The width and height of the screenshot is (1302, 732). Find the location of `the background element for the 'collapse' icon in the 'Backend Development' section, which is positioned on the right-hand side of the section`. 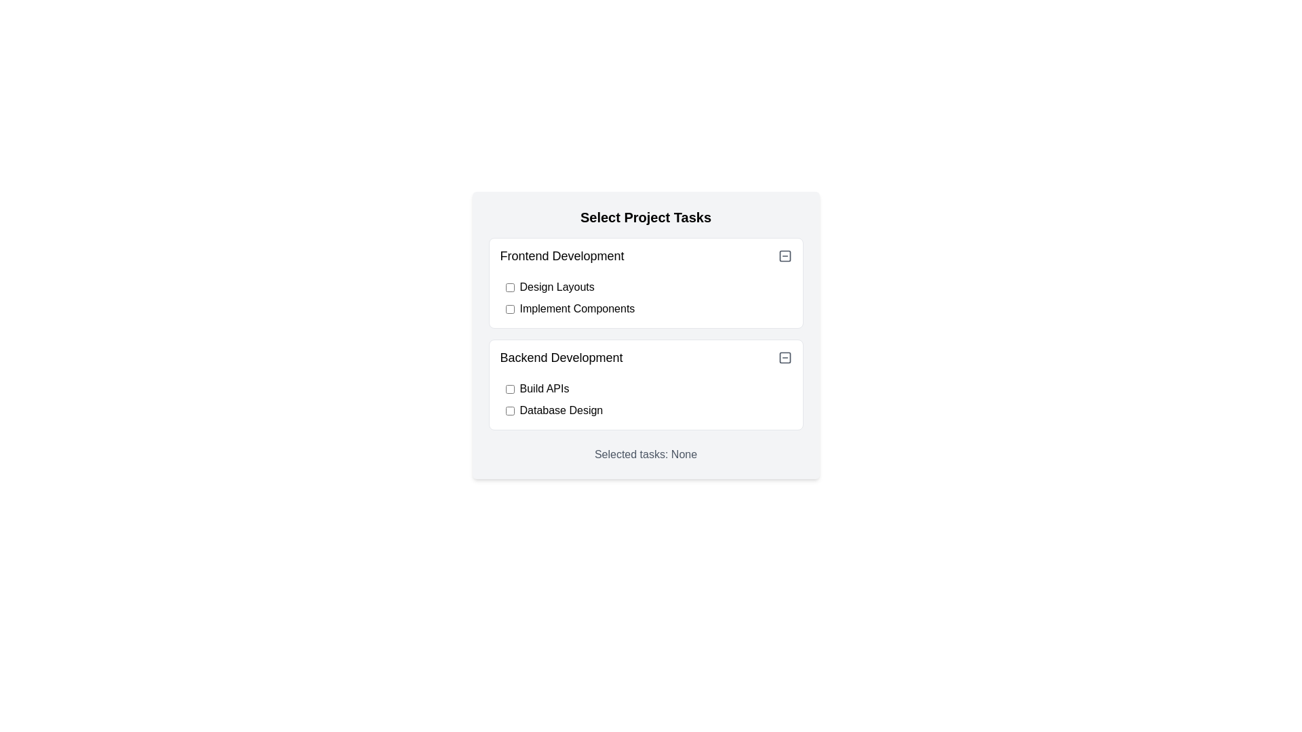

the background element for the 'collapse' icon in the 'Backend Development' section, which is positioned on the right-hand side of the section is located at coordinates (785, 357).